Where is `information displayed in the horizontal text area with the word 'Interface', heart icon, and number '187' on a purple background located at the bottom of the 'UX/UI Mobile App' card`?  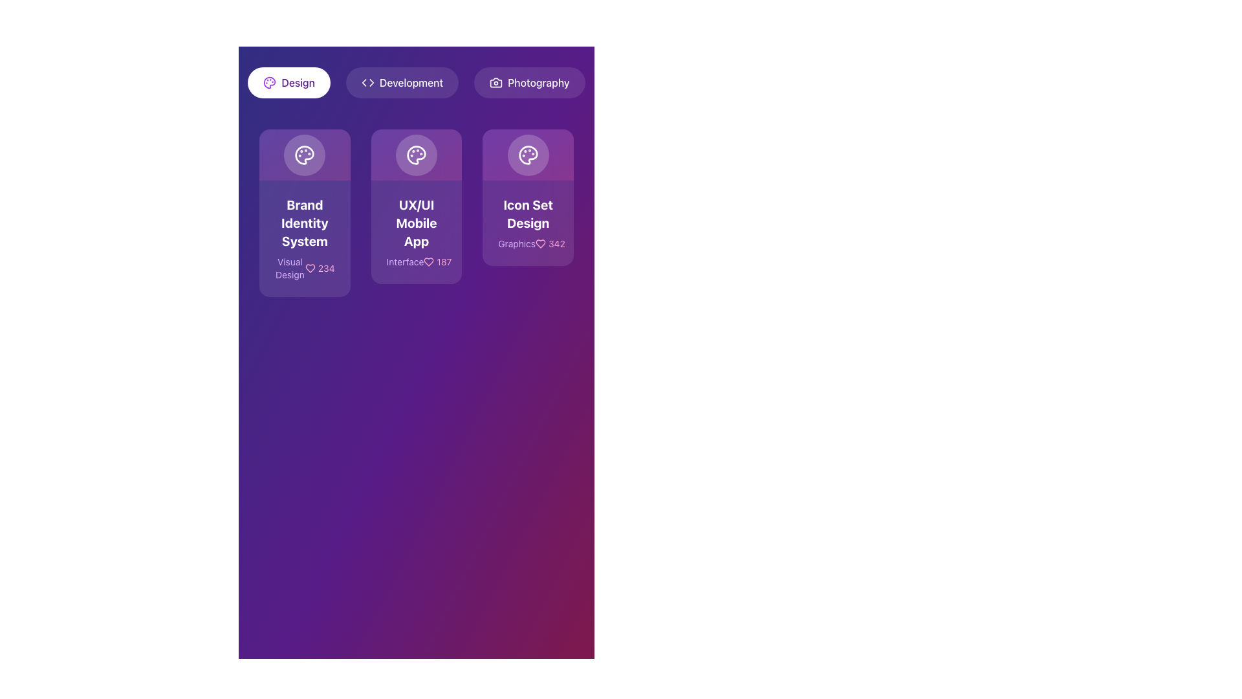 information displayed in the horizontal text area with the word 'Interface', heart icon, and number '187' on a purple background located at the bottom of the 'UX/UI Mobile App' card is located at coordinates (416, 262).